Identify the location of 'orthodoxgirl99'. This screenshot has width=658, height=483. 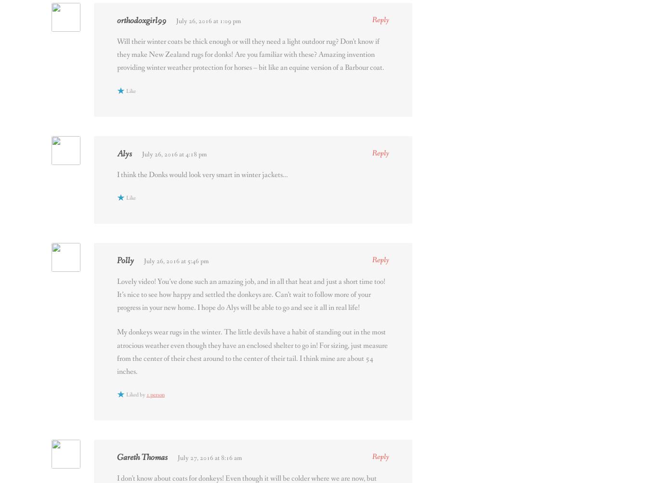
(141, 20).